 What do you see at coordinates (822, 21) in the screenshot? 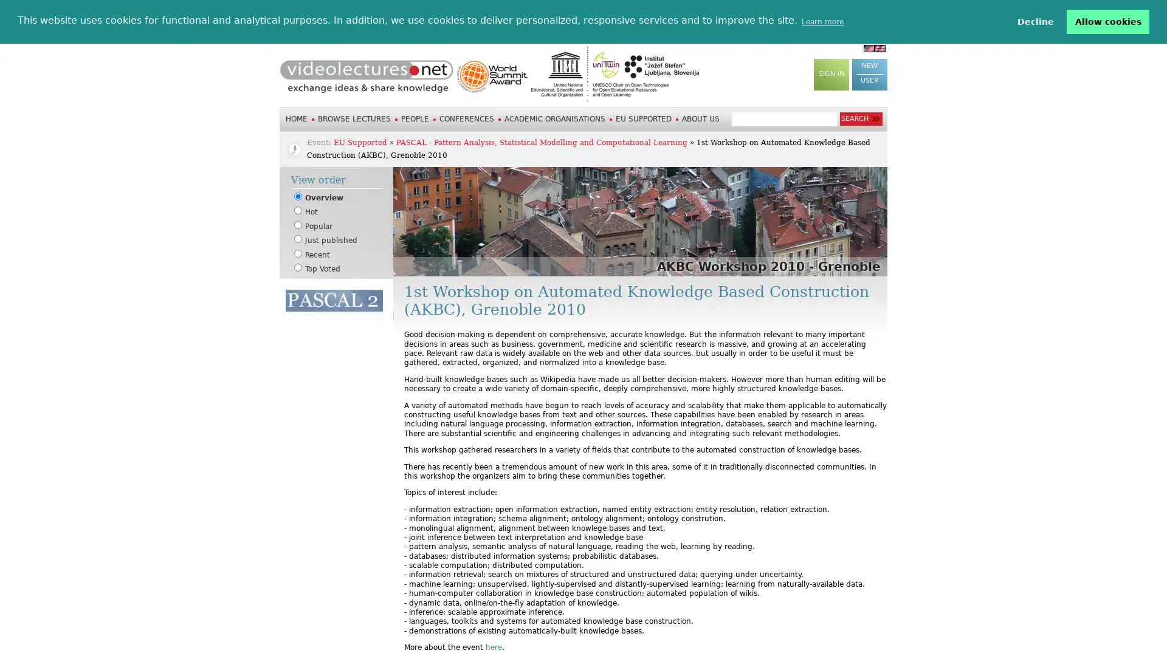
I see `learn more about cookies` at bounding box center [822, 21].